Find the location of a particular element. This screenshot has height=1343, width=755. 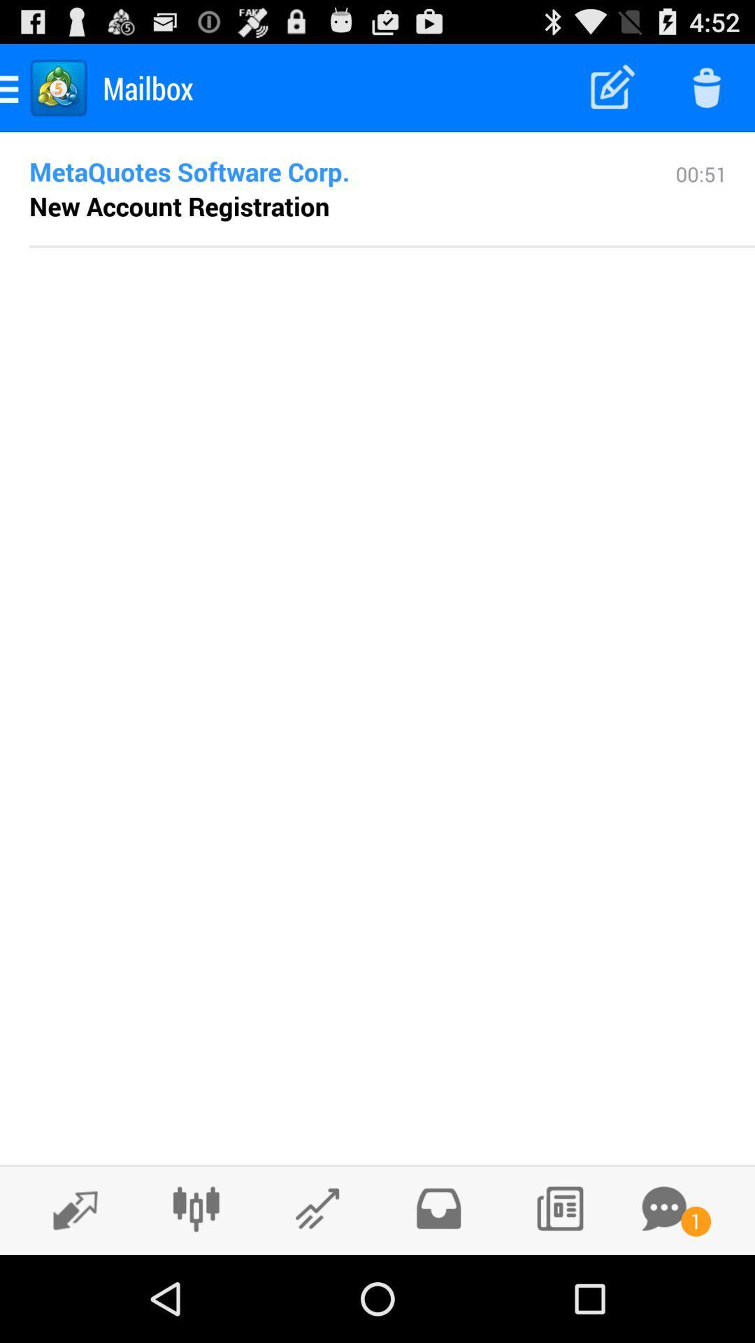

the item above the new account registration is located at coordinates (330, 171).